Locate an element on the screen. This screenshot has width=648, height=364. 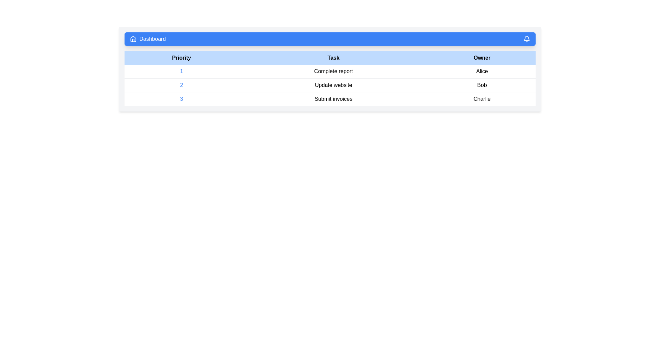
the notifications button represented by a bell icon located in the top navigation bar, positioned towards the far-right end of the bar is located at coordinates (526, 39).